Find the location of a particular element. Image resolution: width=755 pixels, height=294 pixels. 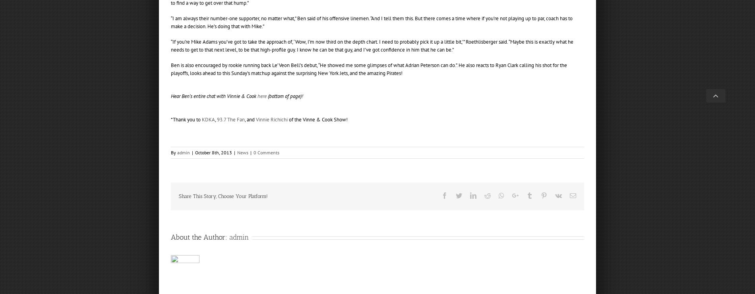

'Share This Story, Choose Your Platform!' is located at coordinates (223, 196).